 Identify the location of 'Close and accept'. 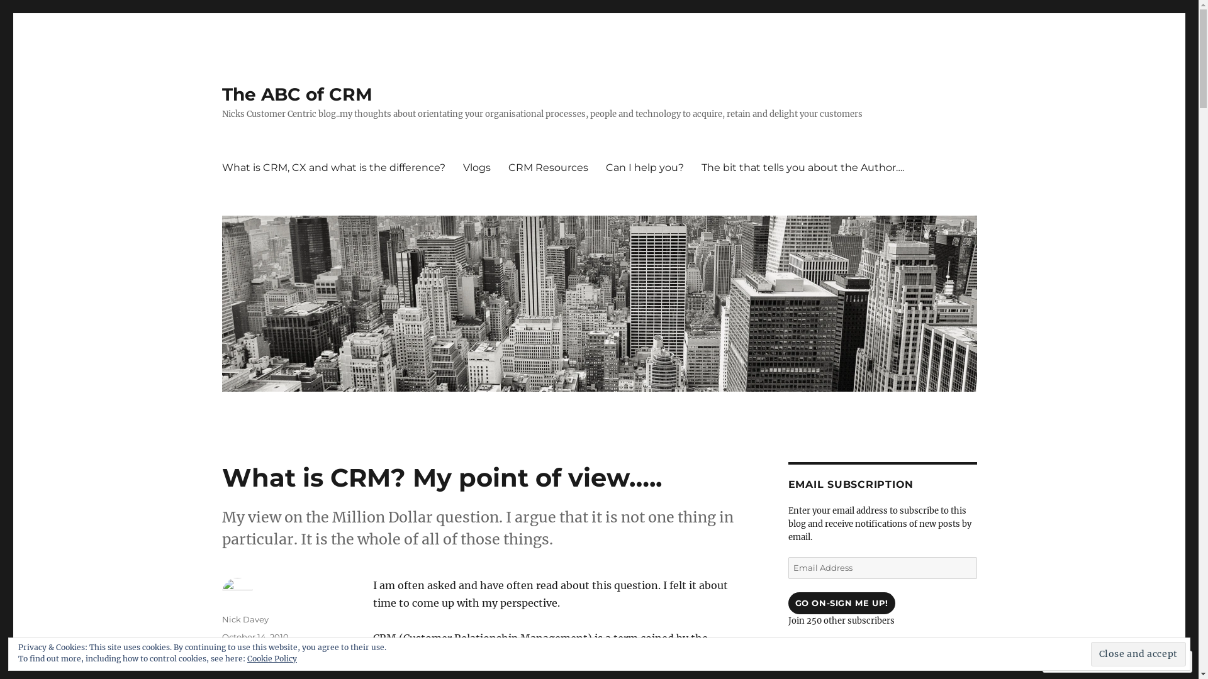
(1090, 653).